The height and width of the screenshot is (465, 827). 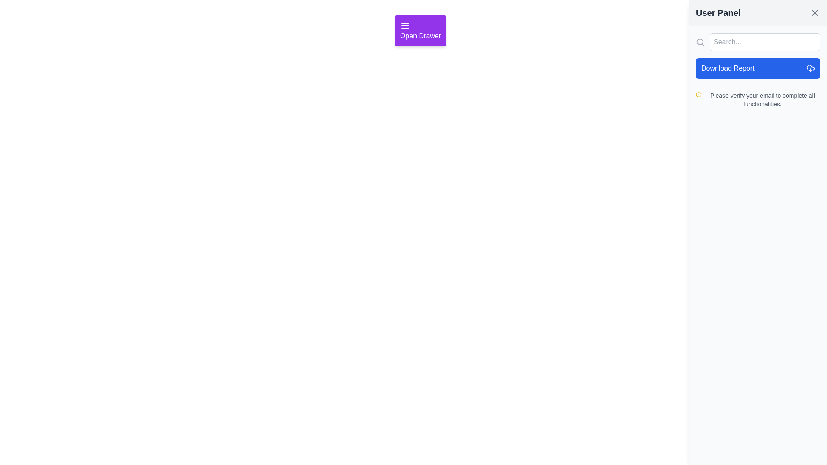 I want to click on the gray magnifying glass icon representing a search function located to the far left of the horizontal group of elements in the User Panel, so click(x=700, y=42).